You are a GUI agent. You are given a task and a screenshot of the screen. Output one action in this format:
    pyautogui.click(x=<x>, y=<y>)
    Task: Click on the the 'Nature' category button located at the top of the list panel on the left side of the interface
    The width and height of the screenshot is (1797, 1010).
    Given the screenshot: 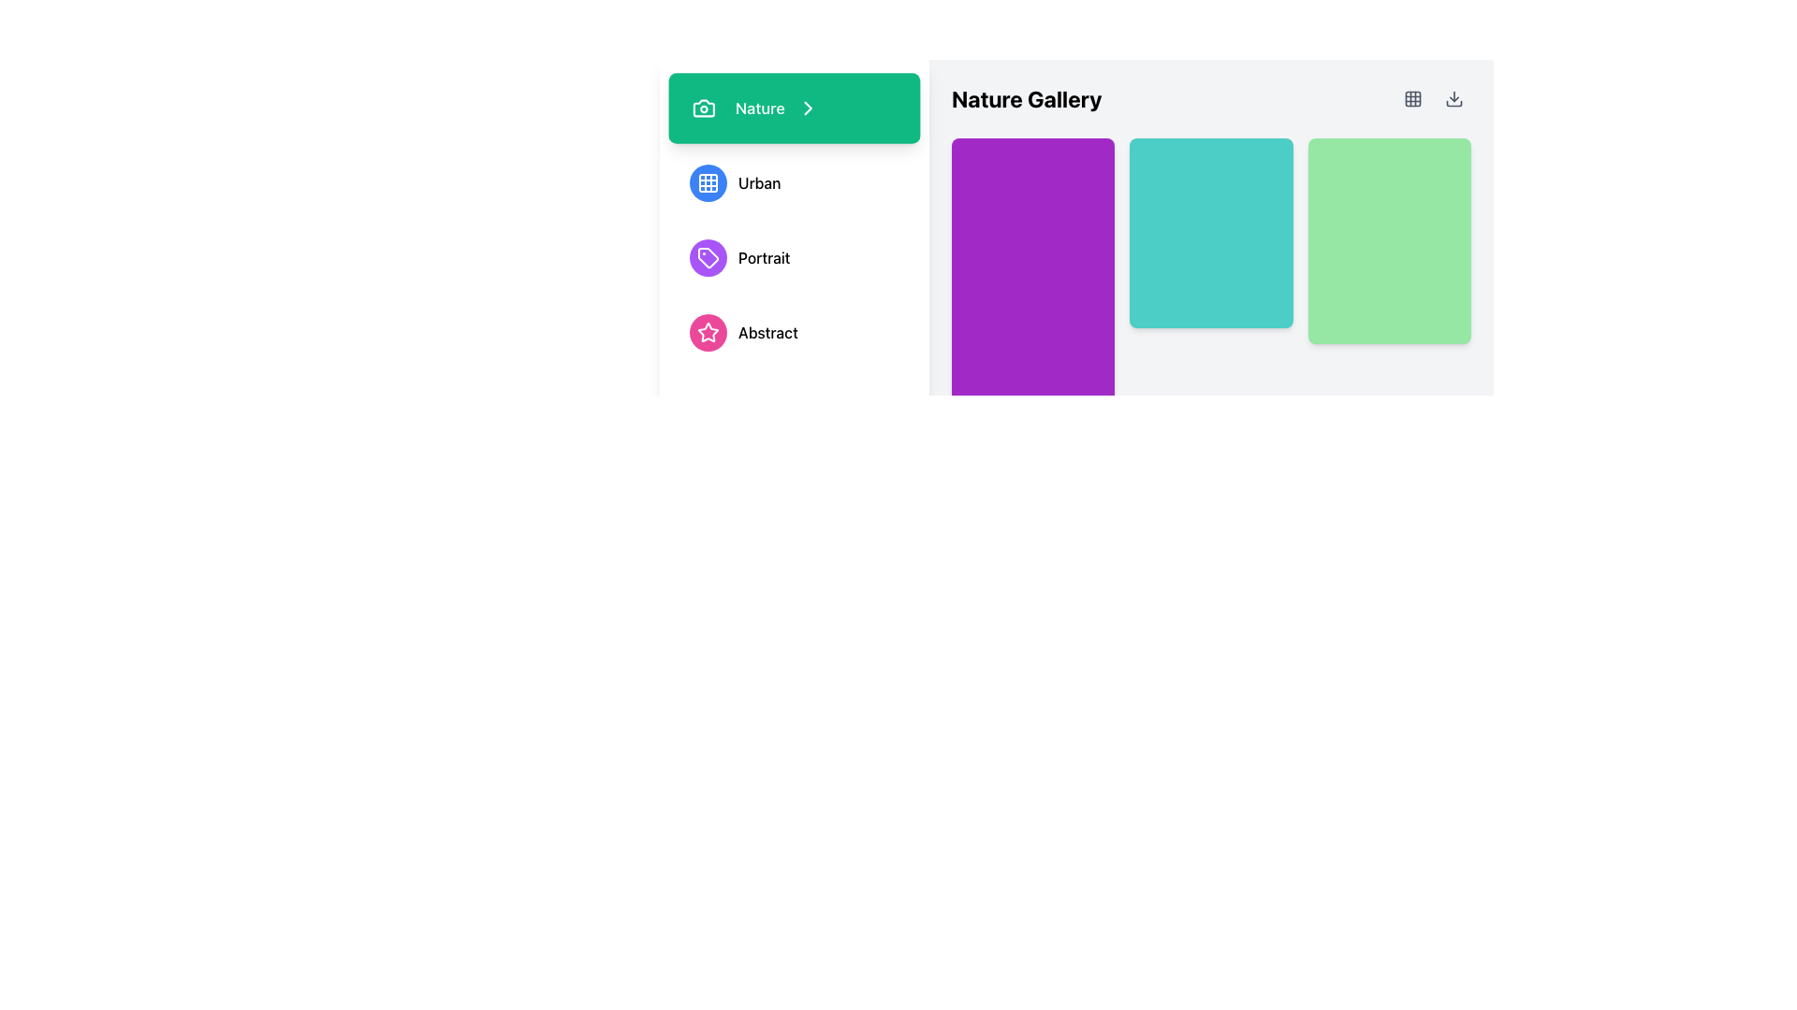 What is the action you would take?
    pyautogui.click(x=795, y=108)
    